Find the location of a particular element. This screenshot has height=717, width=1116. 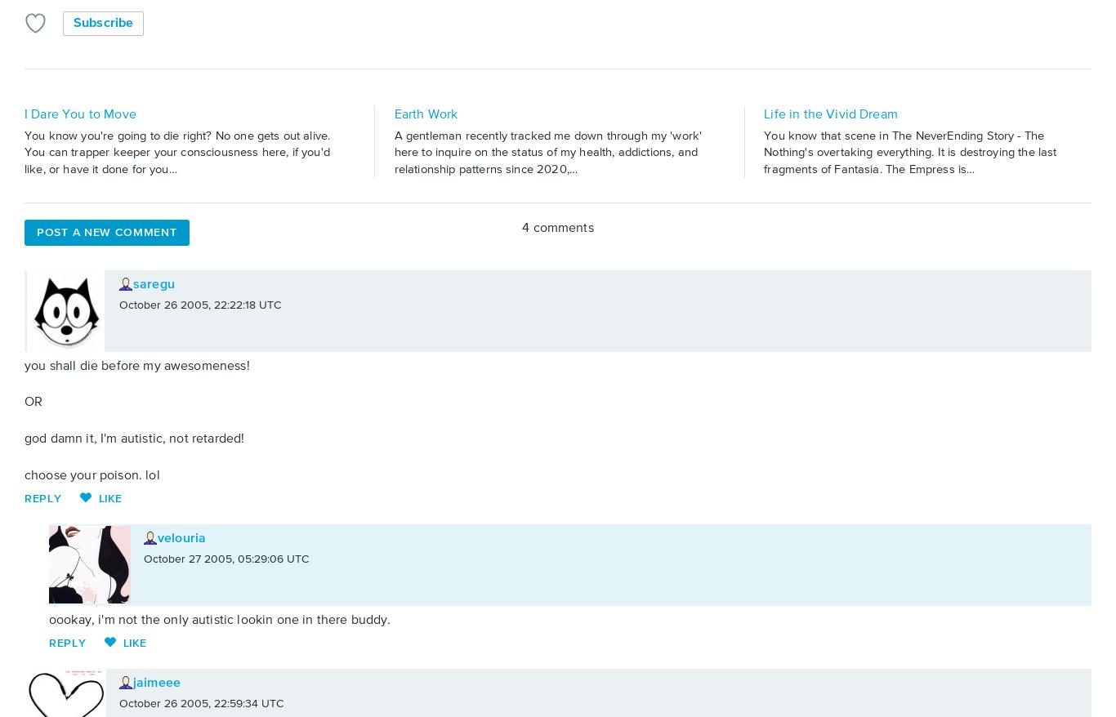

'October 27 2005, 05:29:06 UTC' is located at coordinates (226, 559).